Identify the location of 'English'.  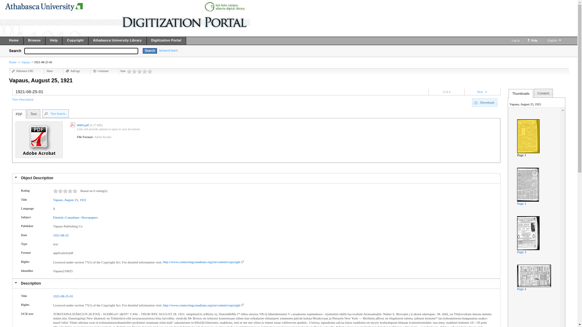
(553, 40).